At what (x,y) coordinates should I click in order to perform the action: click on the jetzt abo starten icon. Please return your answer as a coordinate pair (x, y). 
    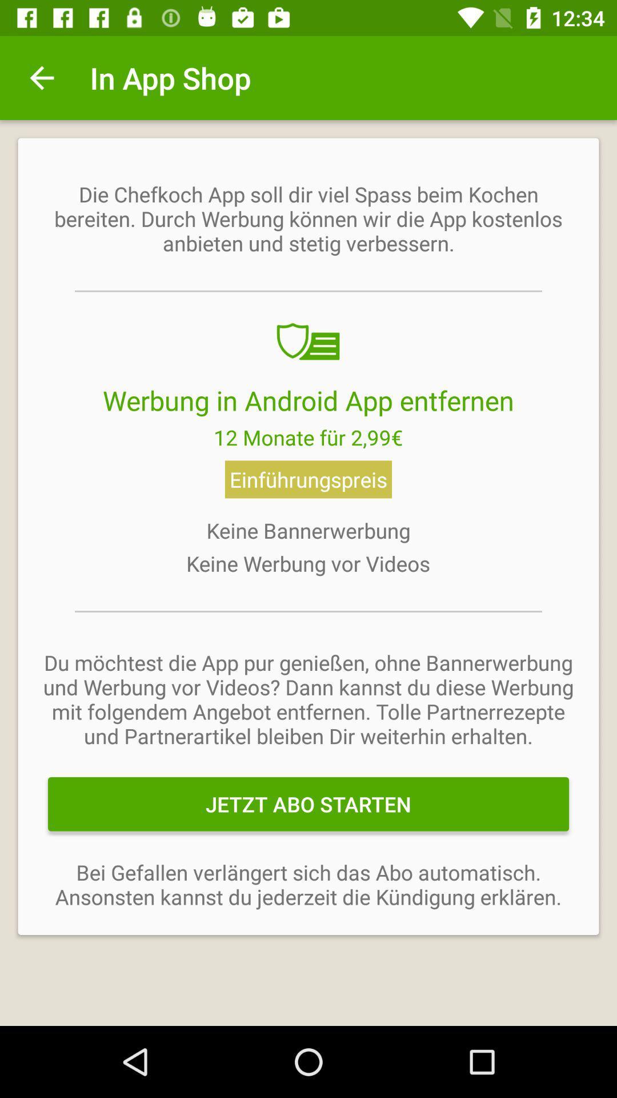
    Looking at the image, I should click on (308, 803).